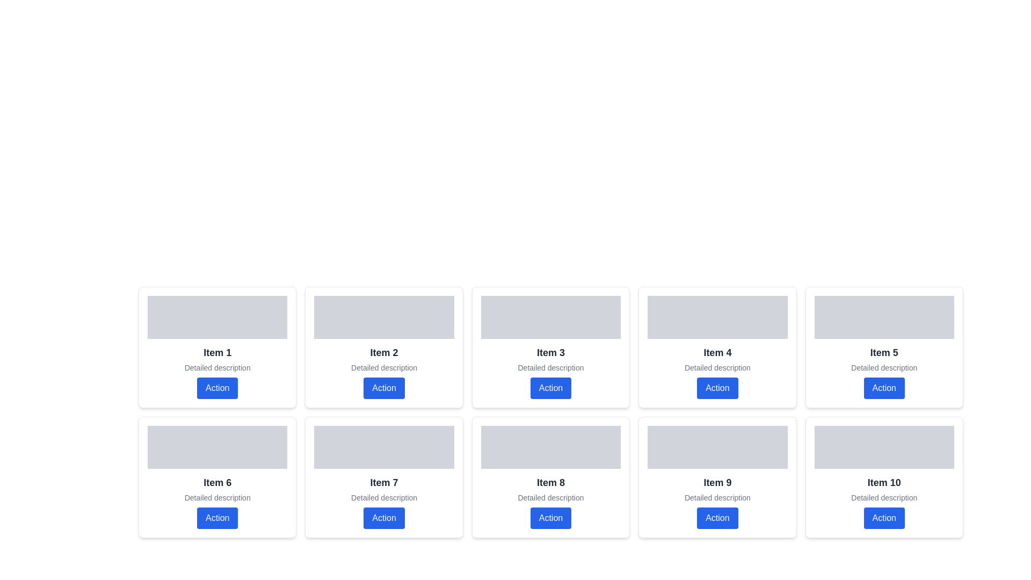  Describe the element at coordinates (717, 352) in the screenshot. I see `the text 'Item 4' displayed in a large bold font within the card layout` at that location.